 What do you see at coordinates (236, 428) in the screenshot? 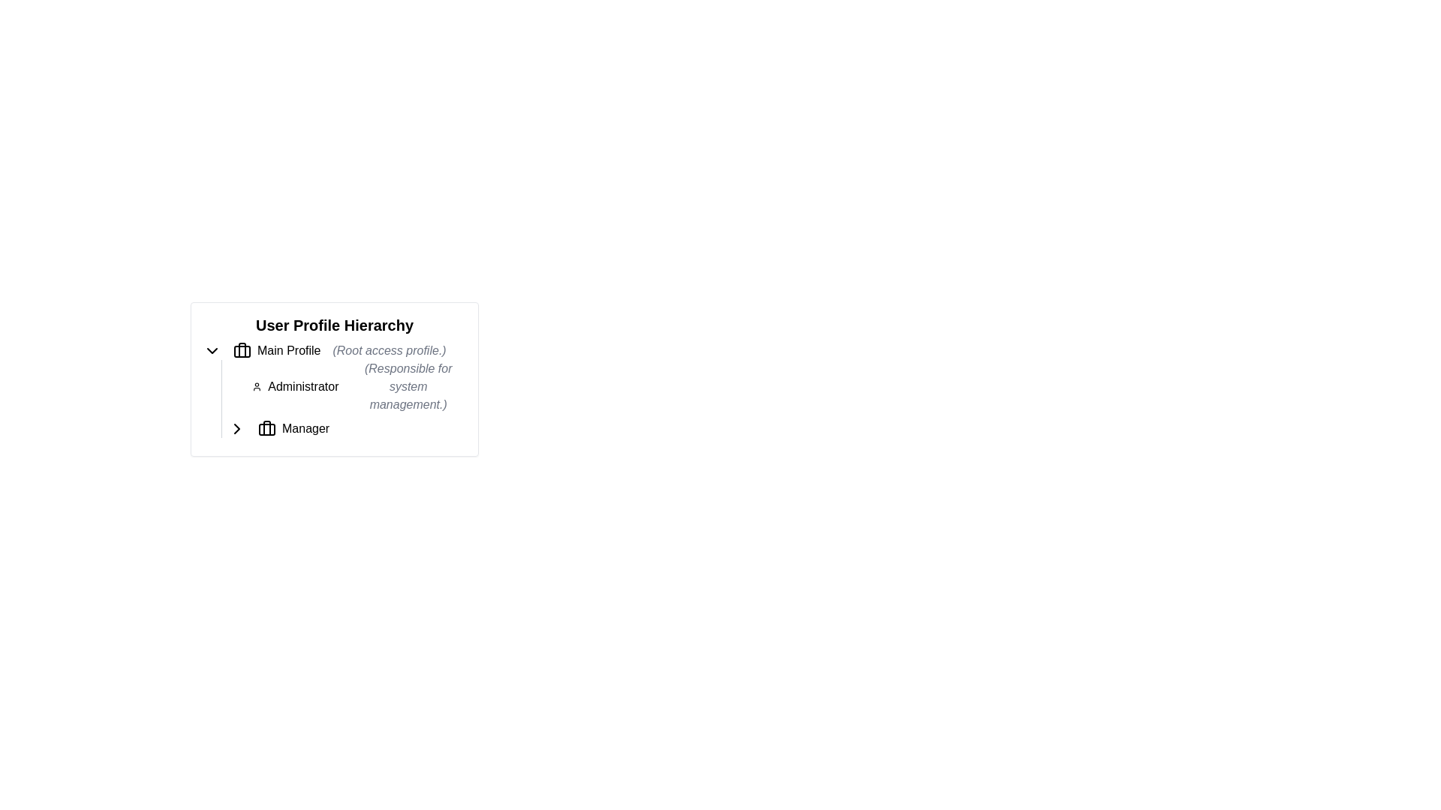
I see `the rightward-facing chevron icon that is styled with a thin line, positioned adjacent to the text 'Manager'` at bounding box center [236, 428].